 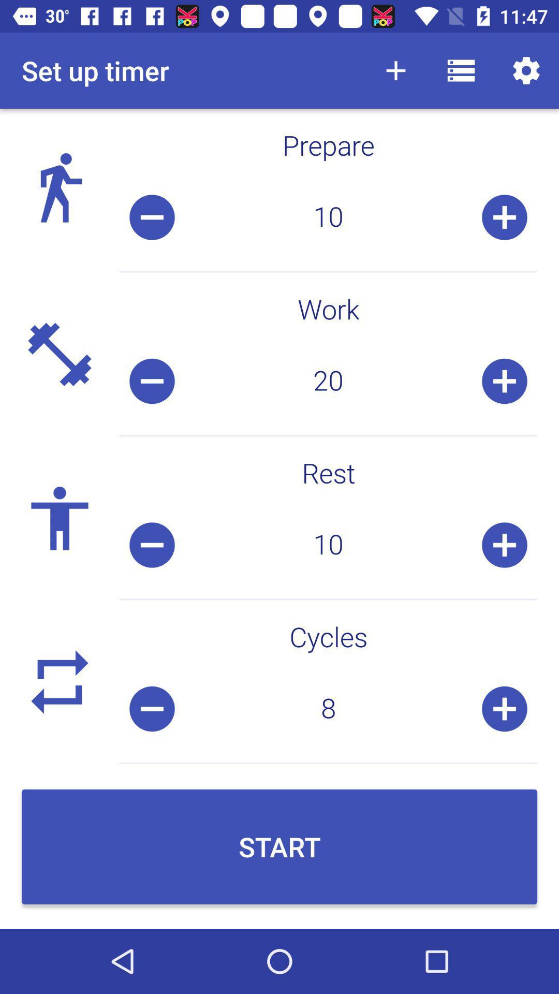 I want to click on the add icon, so click(x=504, y=708).